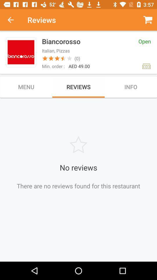 The height and width of the screenshot is (280, 157). Describe the element at coordinates (14, 20) in the screenshot. I see `the icon next to the reviews` at that location.